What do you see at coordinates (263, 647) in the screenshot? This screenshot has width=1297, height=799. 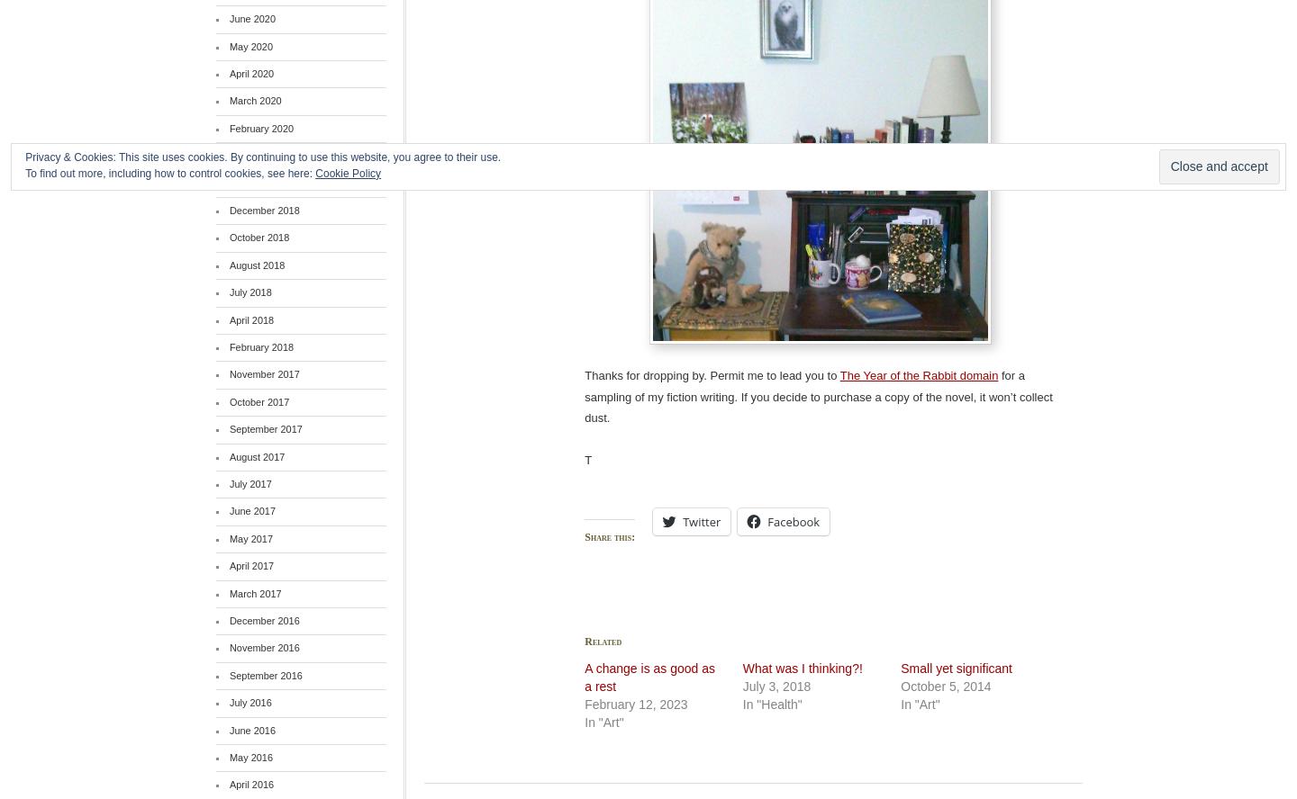 I see `'November 2016'` at bounding box center [263, 647].